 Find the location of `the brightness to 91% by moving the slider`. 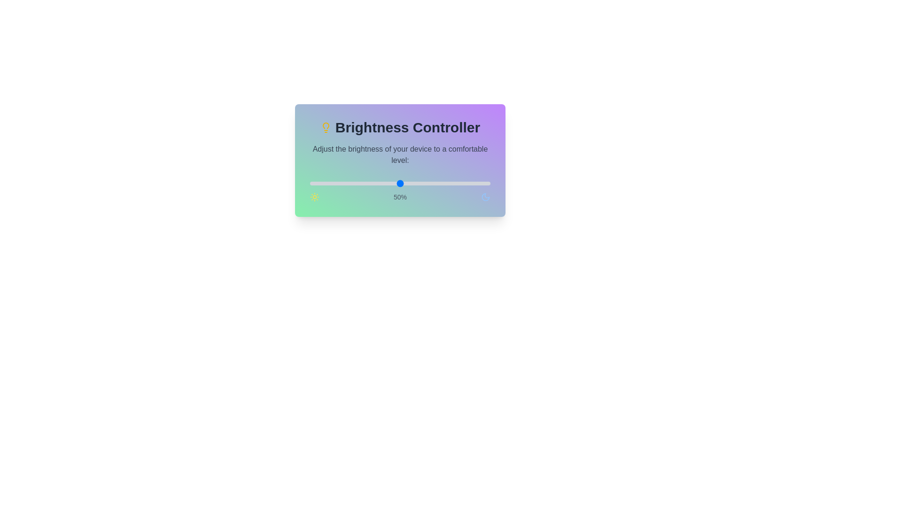

the brightness to 91% by moving the slider is located at coordinates (474, 183).